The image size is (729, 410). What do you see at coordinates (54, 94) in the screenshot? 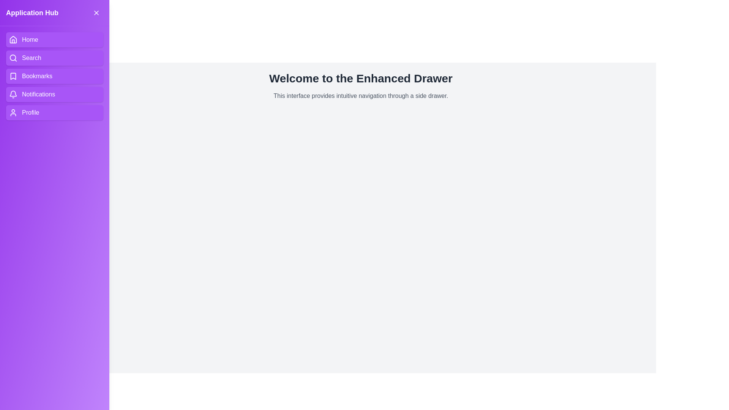
I see `the navigation item Notifications in the drawer to navigate to the corresponding section` at bounding box center [54, 94].